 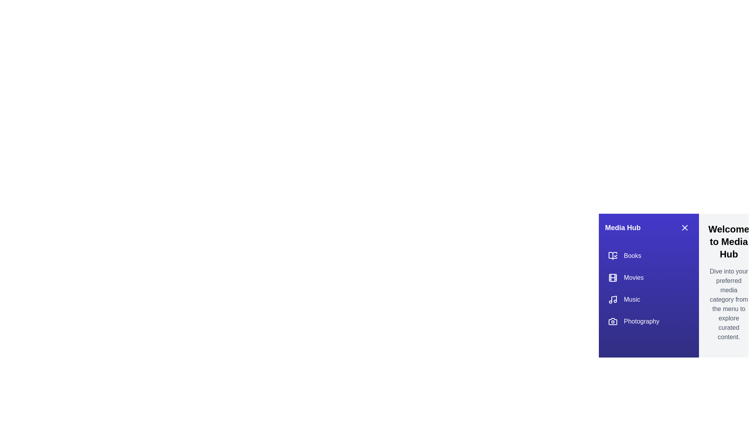 What do you see at coordinates (612, 277) in the screenshot?
I see `the icon for the category Movies` at bounding box center [612, 277].